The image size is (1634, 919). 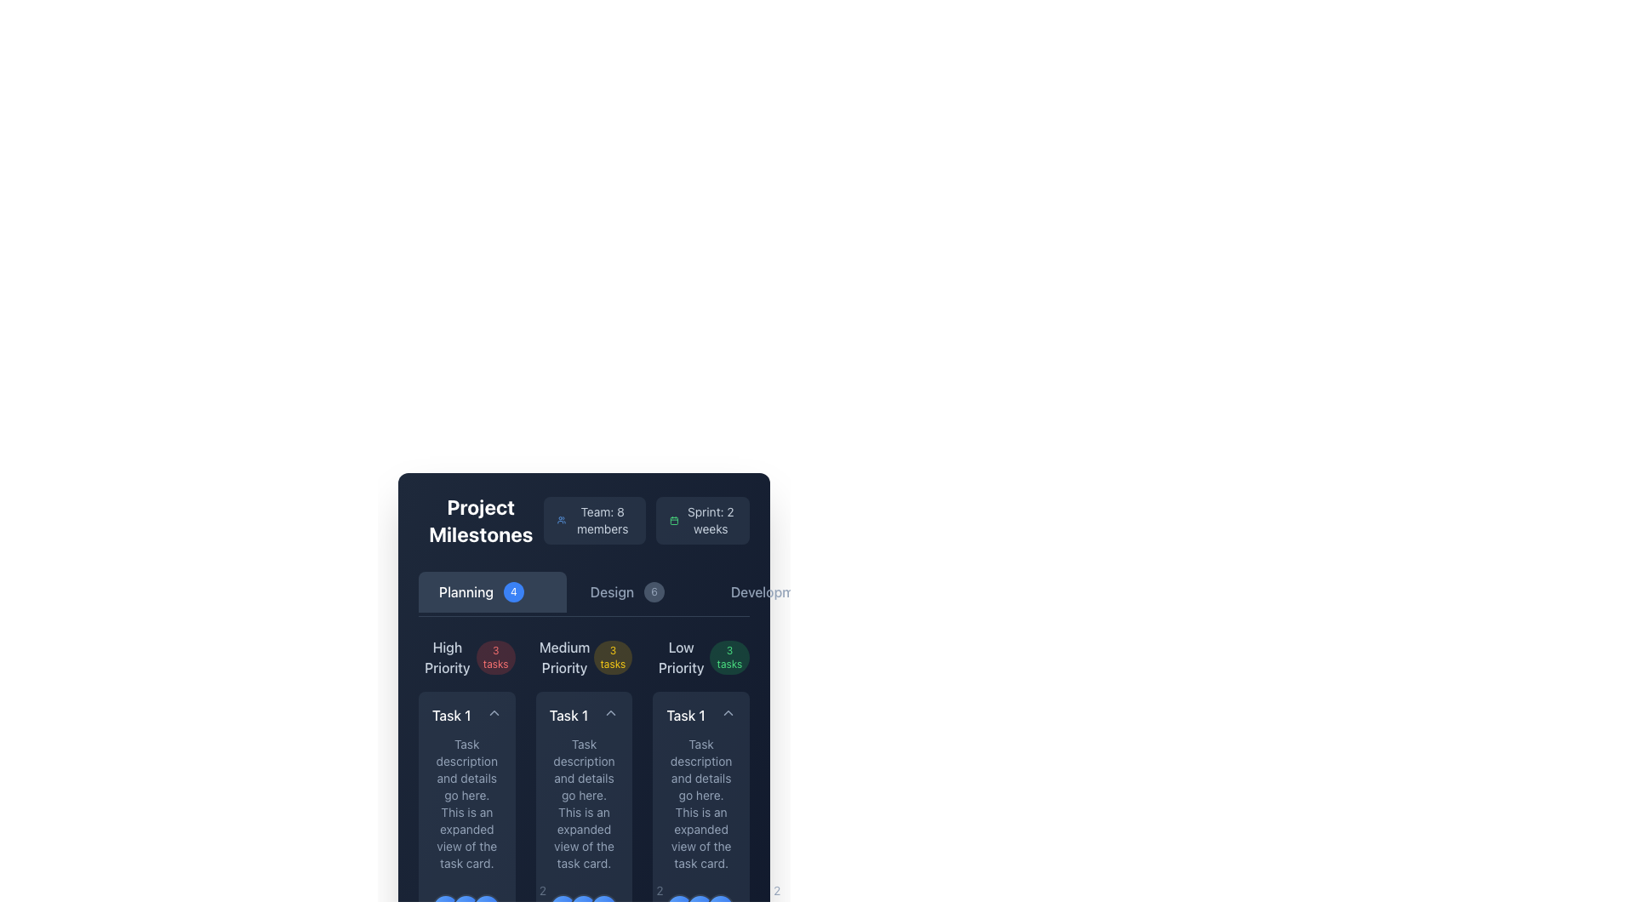 What do you see at coordinates (701, 715) in the screenshot?
I see `the text label representing the task title within the top header section of the task card` at bounding box center [701, 715].